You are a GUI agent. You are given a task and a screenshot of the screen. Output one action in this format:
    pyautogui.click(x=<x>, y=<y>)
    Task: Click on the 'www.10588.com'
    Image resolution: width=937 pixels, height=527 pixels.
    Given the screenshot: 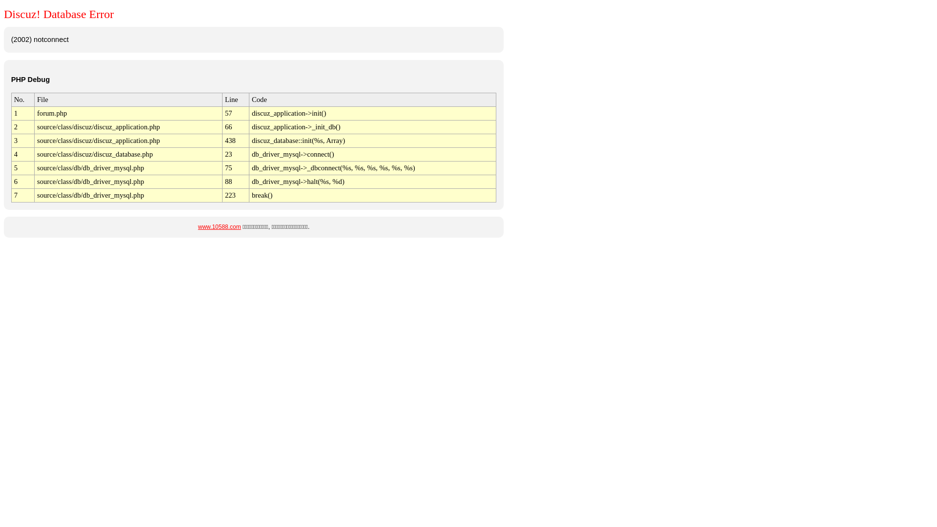 What is the action you would take?
    pyautogui.click(x=219, y=227)
    